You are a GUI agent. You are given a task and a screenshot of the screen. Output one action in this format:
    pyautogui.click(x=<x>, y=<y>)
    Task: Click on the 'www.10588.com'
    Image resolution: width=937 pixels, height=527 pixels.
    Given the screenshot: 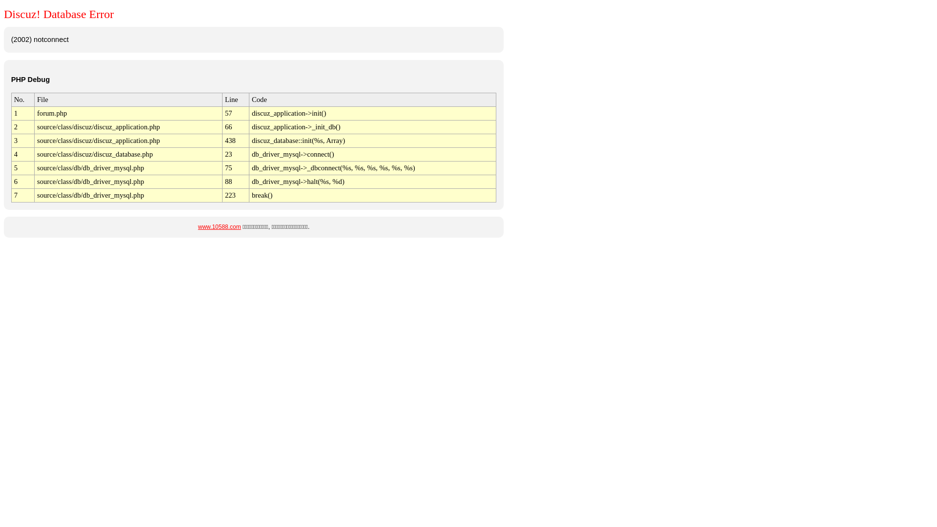 What is the action you would take?
    pyautogui.click(x=219, y=227)
    